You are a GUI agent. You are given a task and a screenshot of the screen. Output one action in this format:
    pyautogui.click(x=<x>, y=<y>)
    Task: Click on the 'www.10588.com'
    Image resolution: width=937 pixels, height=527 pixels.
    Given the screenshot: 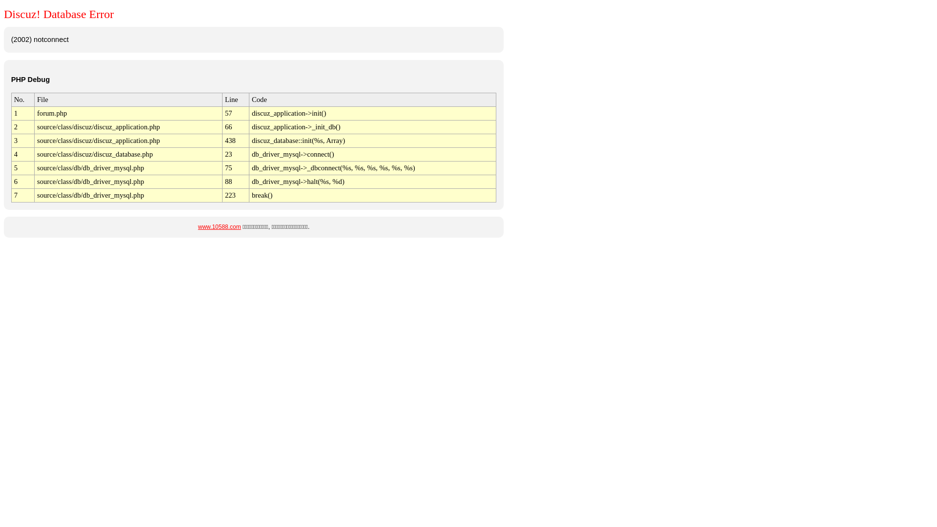 What is the action you would take?
    pyautogui.click(x=219, y=227)
    